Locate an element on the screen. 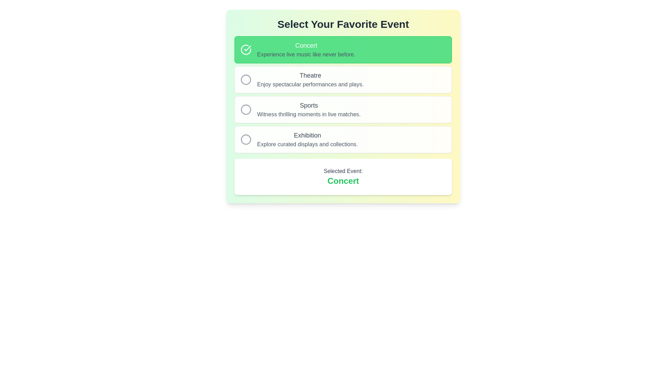 Image resolution: width=669 pixels, height=376 pixels. the 'Sports' radio button, which is the third option in the list of selectable items, to select it as the preferred event is located at coordinates (343, 110).